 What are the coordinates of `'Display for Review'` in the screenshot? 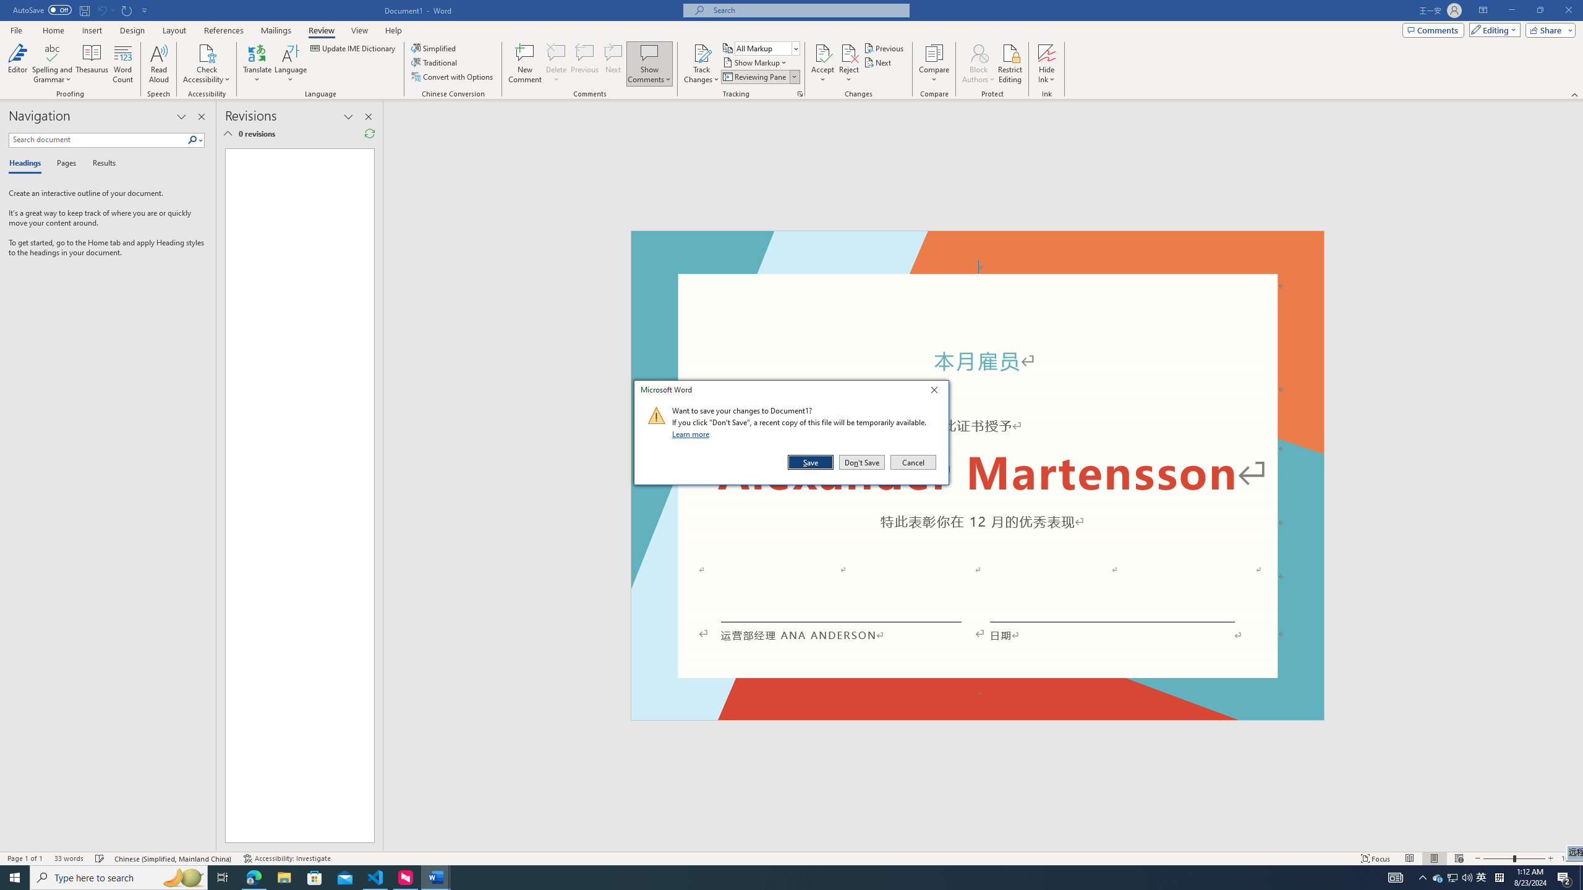 It's located at (766, 48).